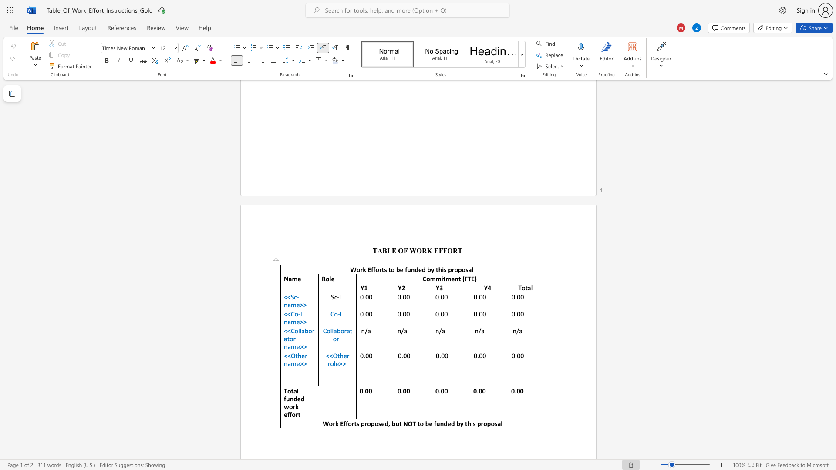 The height and width of the screenshot is (470, 836). Describe the element at coordinates (353, 269) in the screenshot. I see `the 1th character "W" in the text` at that location.